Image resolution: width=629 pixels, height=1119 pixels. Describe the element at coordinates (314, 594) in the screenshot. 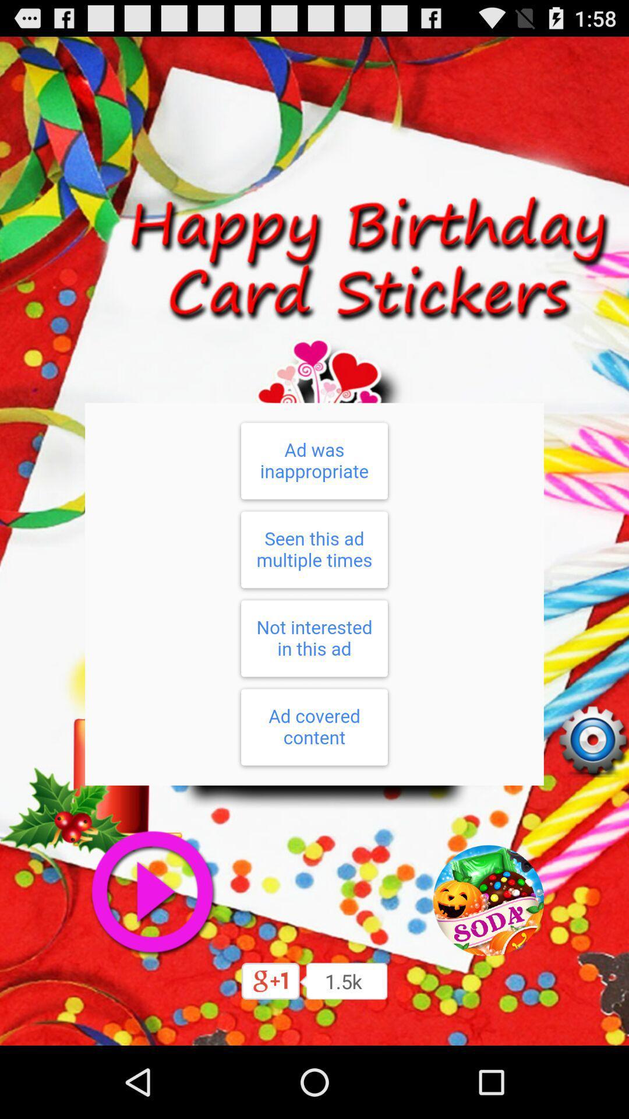

I see `give feedback for advertisement` at that location.